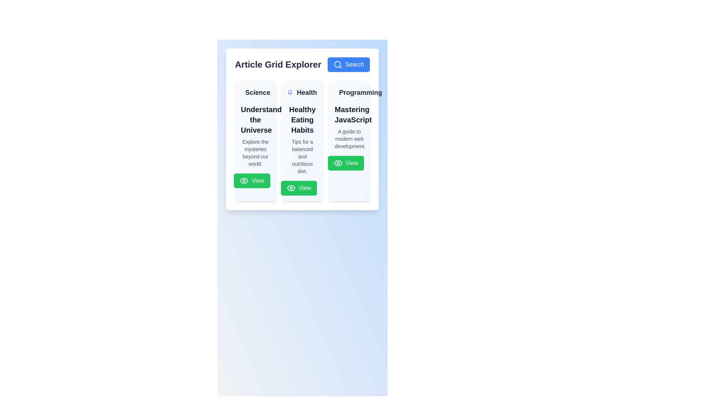 The height and width of the screenshot is (397, 706). Describe the element at coordinates (349, 141) in the screenshot. I see `the third card element in the grid layout that presents information about Programming and JavaScript to emphasize or highlight it` at that location.